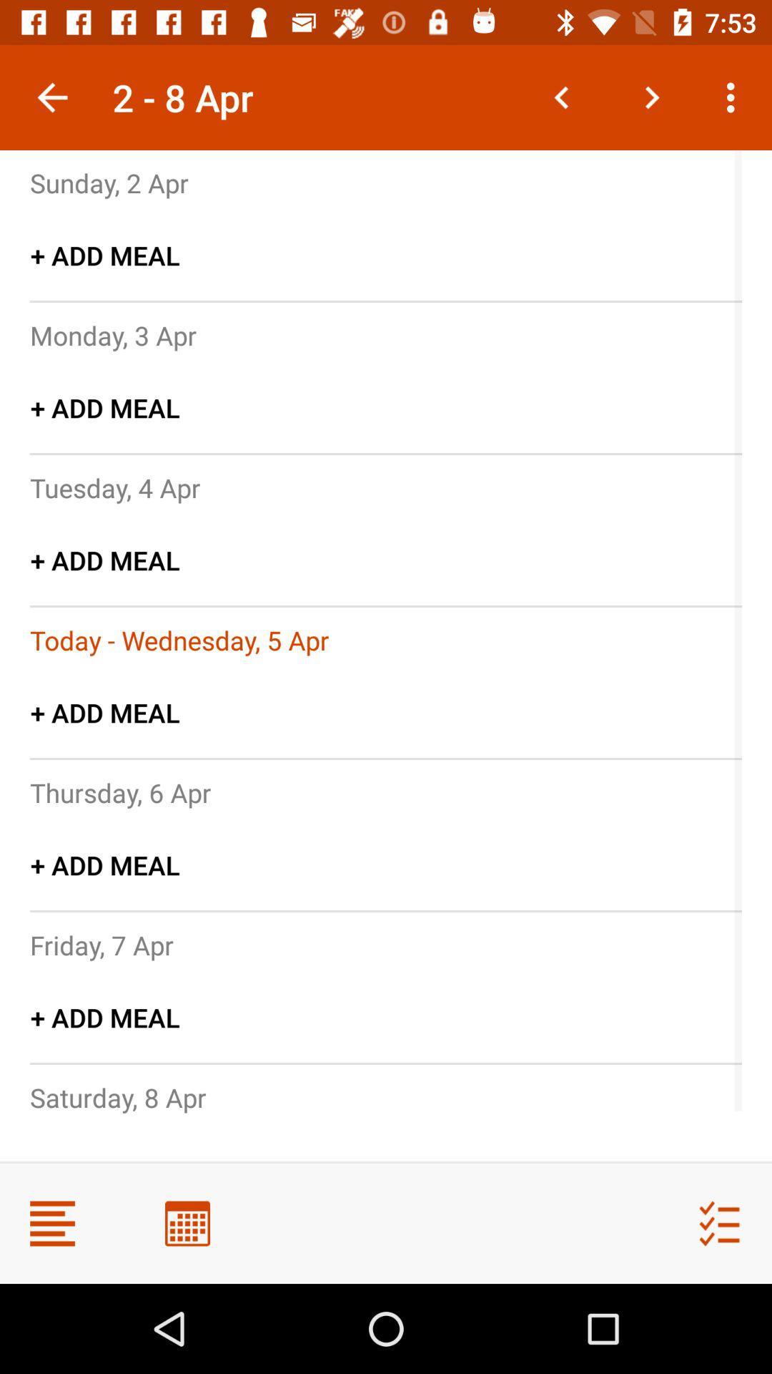 This screenshot has height=1374, width=772. Describe the element at coordinates (51, 1222) in the screenshot. I see `show listing` at that location.